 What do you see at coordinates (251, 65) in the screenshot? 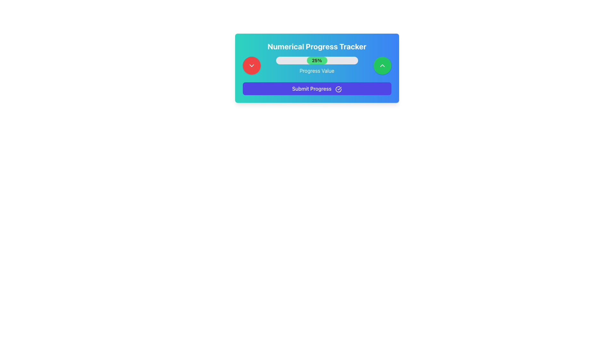
I see `the control button intended to decrease the progress value in the 'Numerical Progress Tracker'` at bounding box center [251, 65].